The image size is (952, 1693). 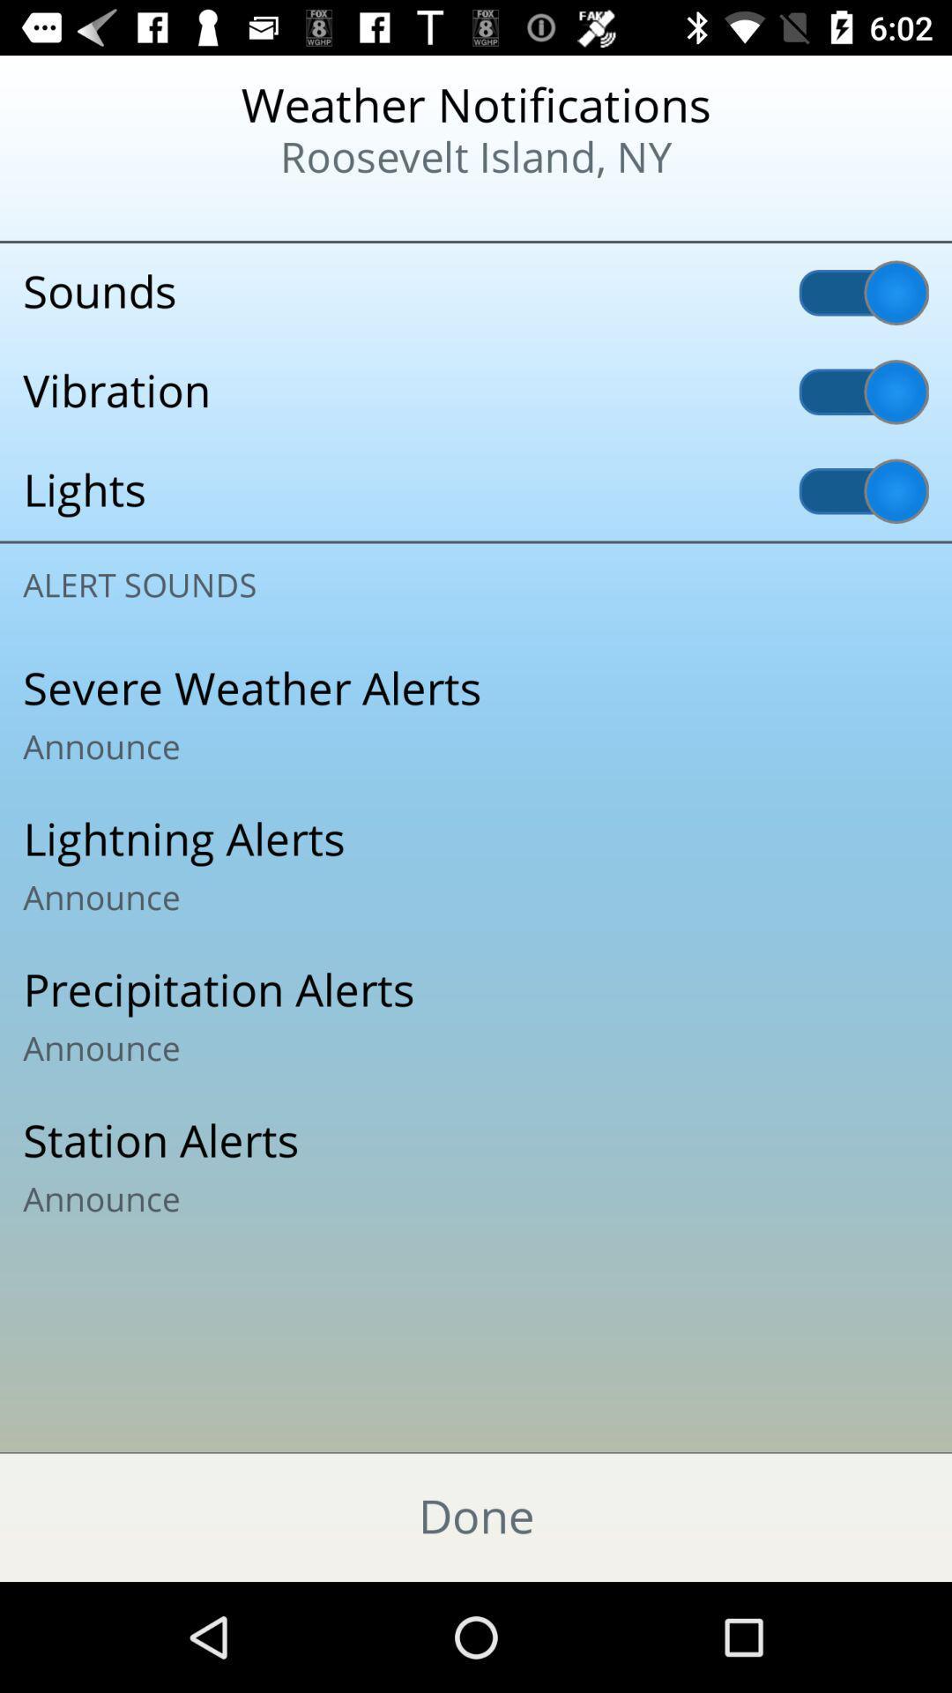 What do you see at coordinates (115, 212) in the screenshot?
I see `item at the top left corner` at bounding box center [115, 212].